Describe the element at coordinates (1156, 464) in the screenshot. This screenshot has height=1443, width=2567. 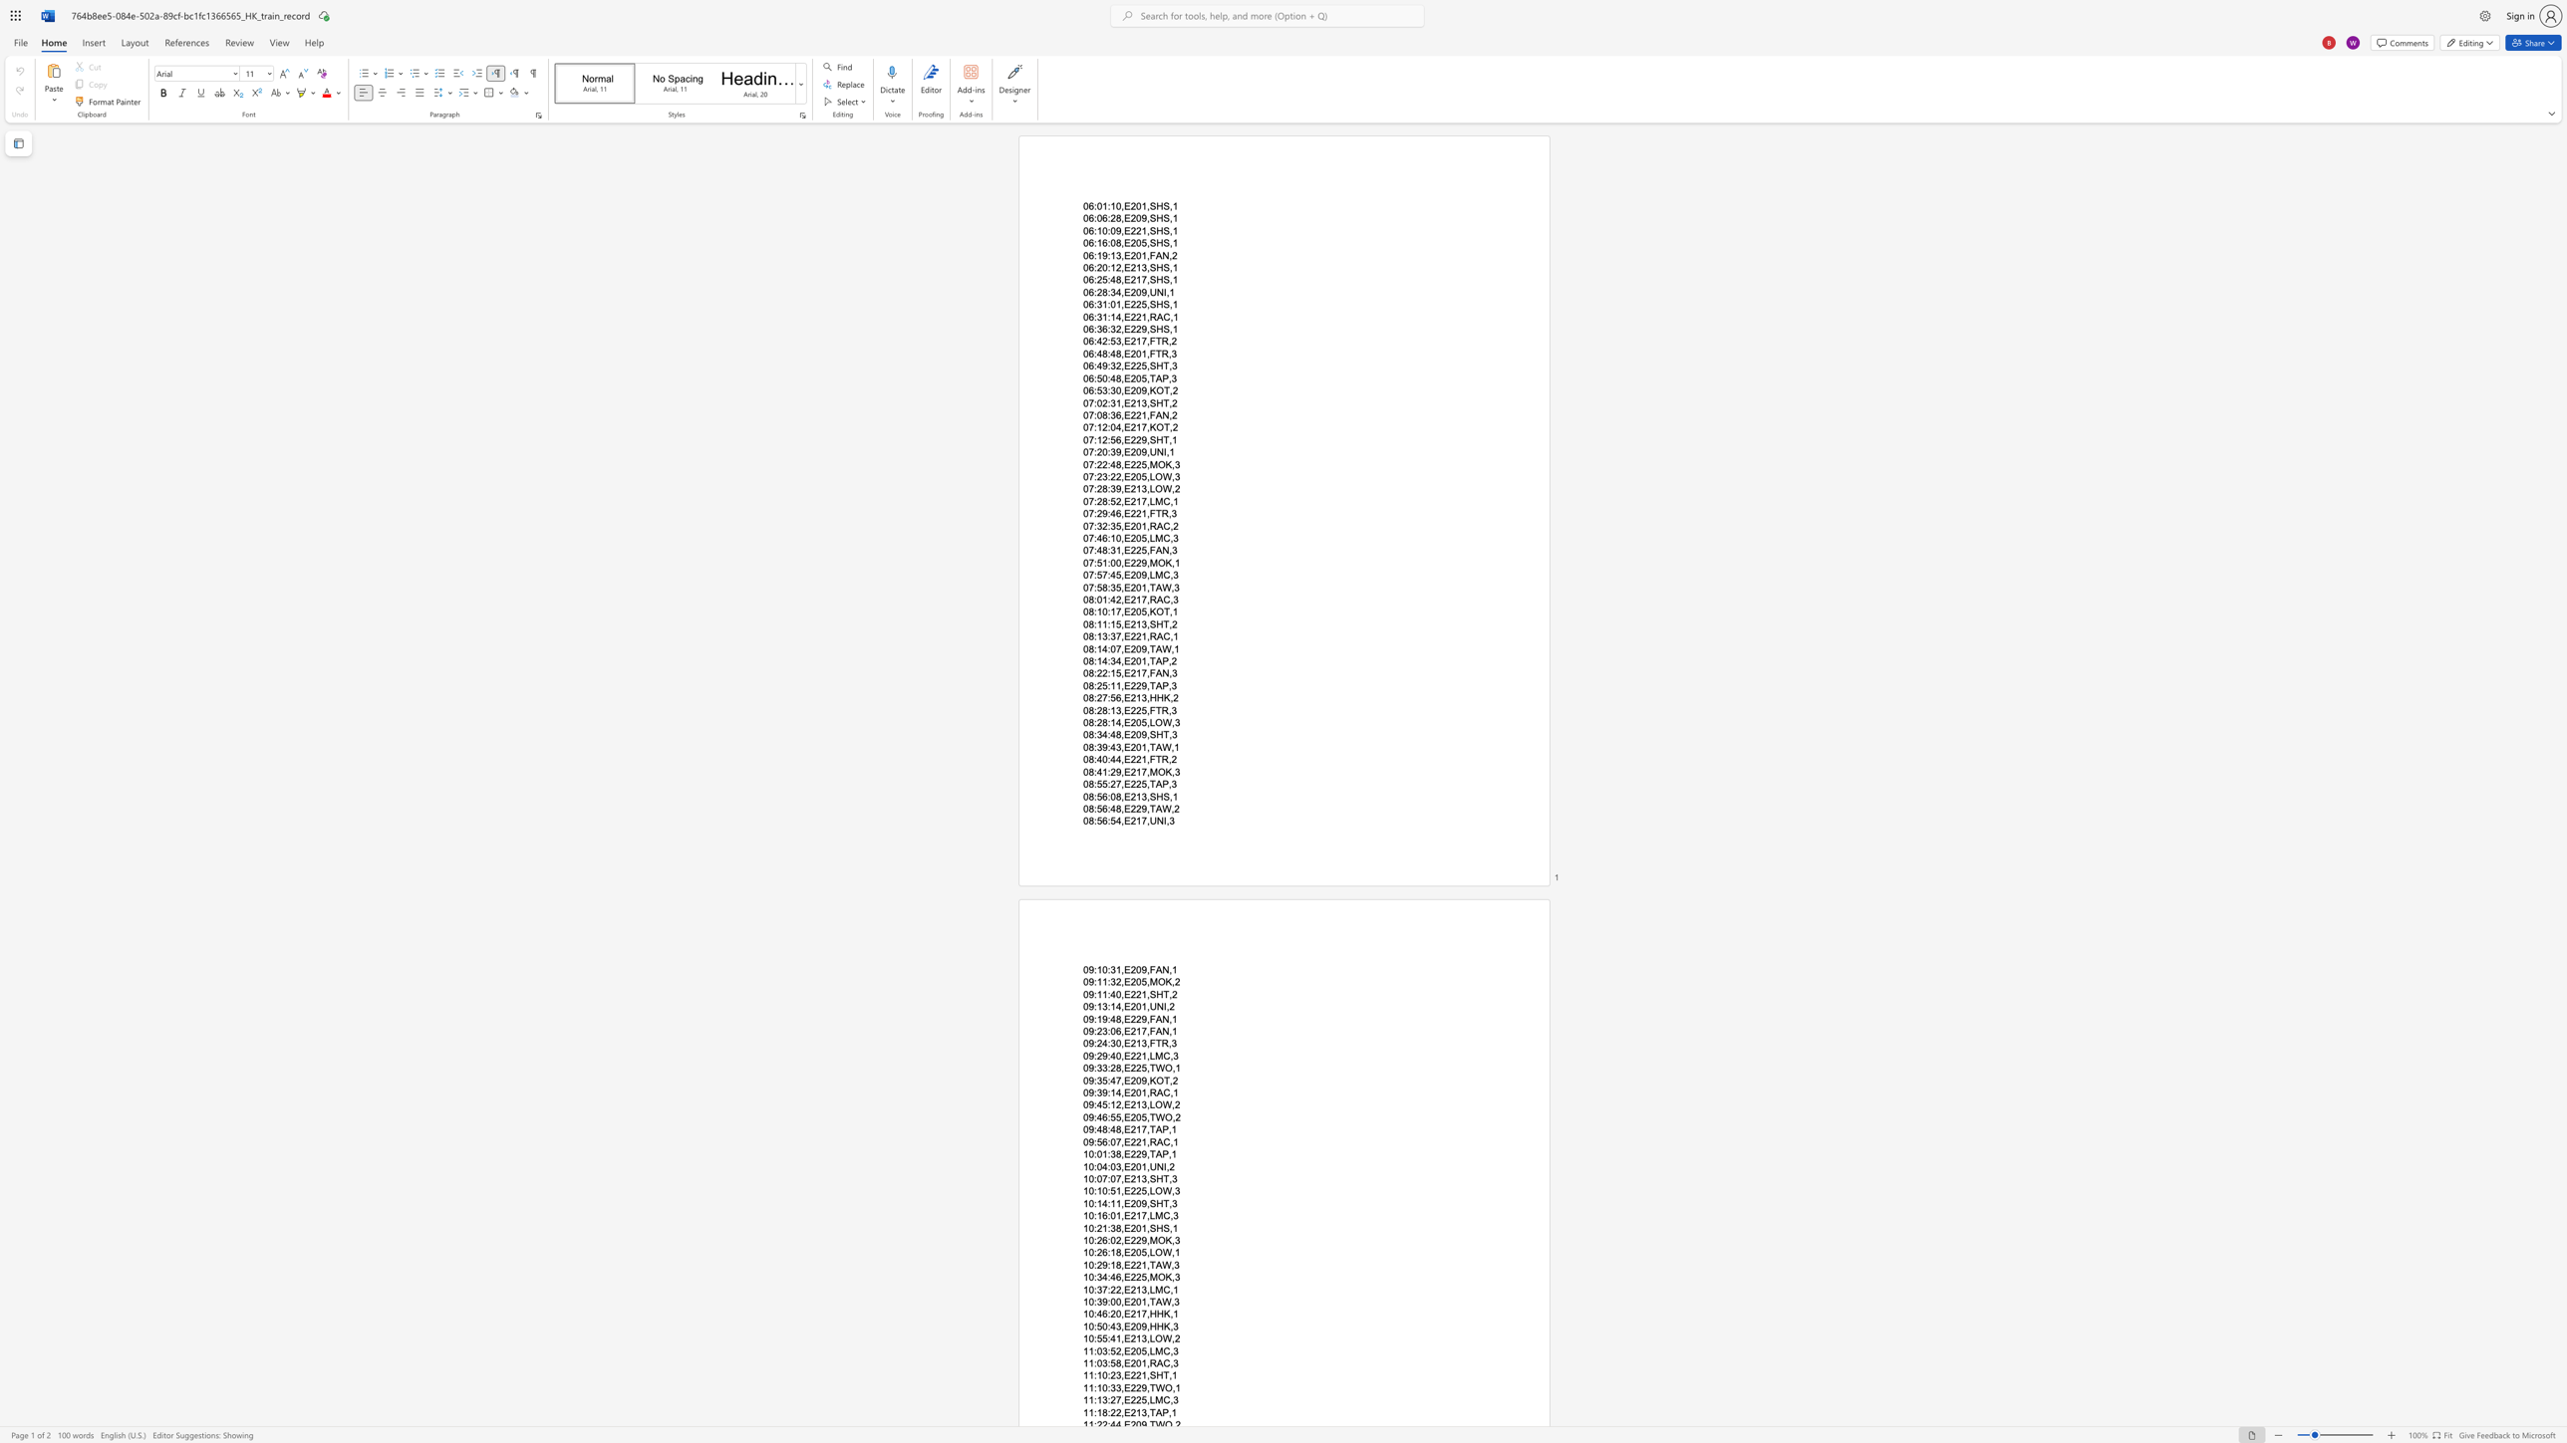
I see `the space between the continuous character "M" and "O" in the text` at that location.